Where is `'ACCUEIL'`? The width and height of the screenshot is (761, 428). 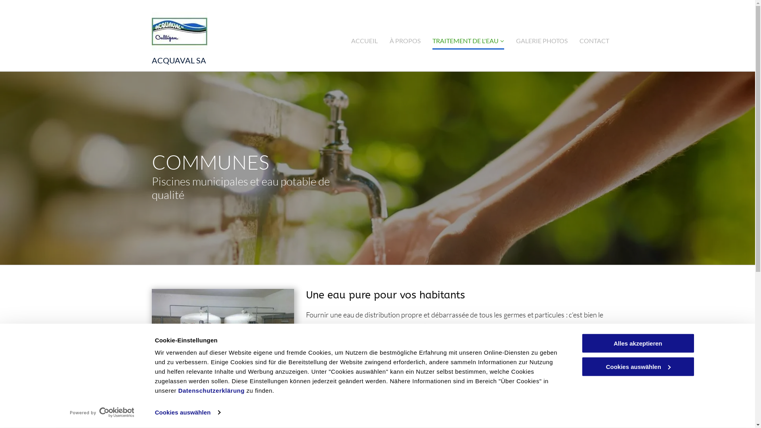
'ACCUEIL' is located at coordinates (364, 40).